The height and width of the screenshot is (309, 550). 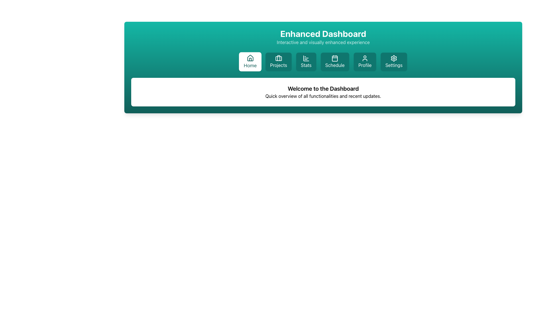 I want to click on text that provides a concise summary or description of the functionalities and updates the interface offers, located below the header 'Welcome to the Dashboard', so click(x=323, y=96).